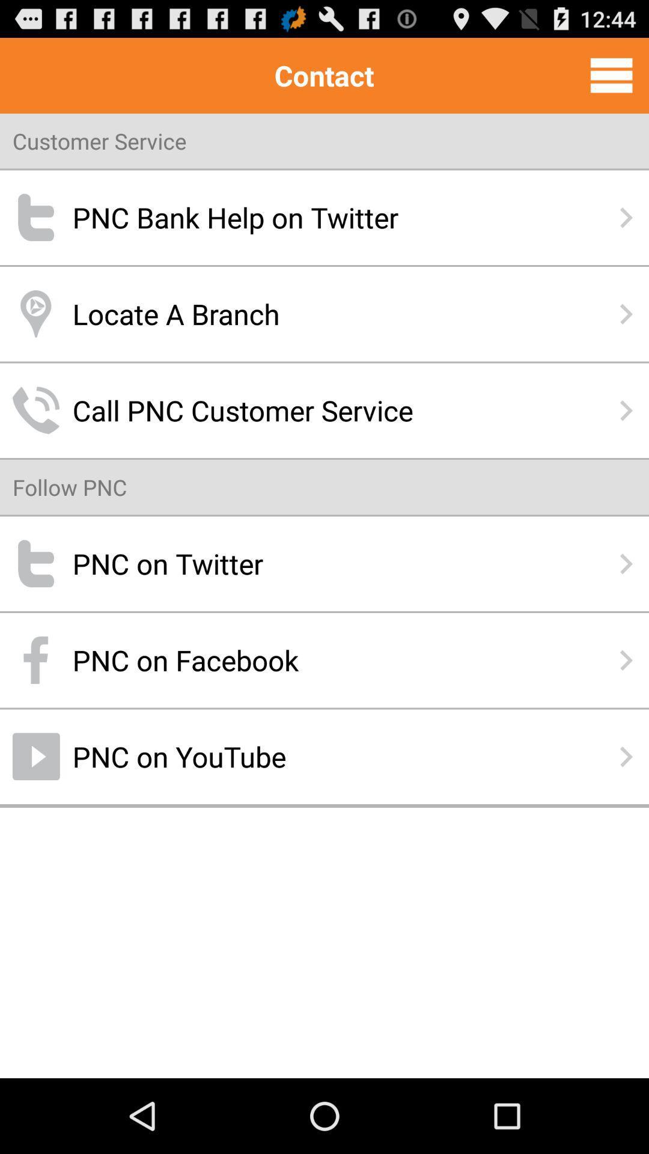 The height and width of the screenshot is (1154, 649). I want to click on icon above pnc on twitter, so click(70, 487).